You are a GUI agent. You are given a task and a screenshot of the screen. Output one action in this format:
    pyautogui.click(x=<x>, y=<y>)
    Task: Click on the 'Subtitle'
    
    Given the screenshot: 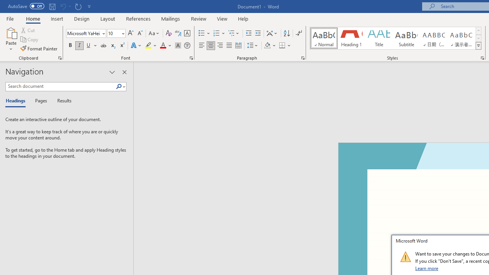 What is the action you would take?
    pyautogui.click(x=406, y=38)
    